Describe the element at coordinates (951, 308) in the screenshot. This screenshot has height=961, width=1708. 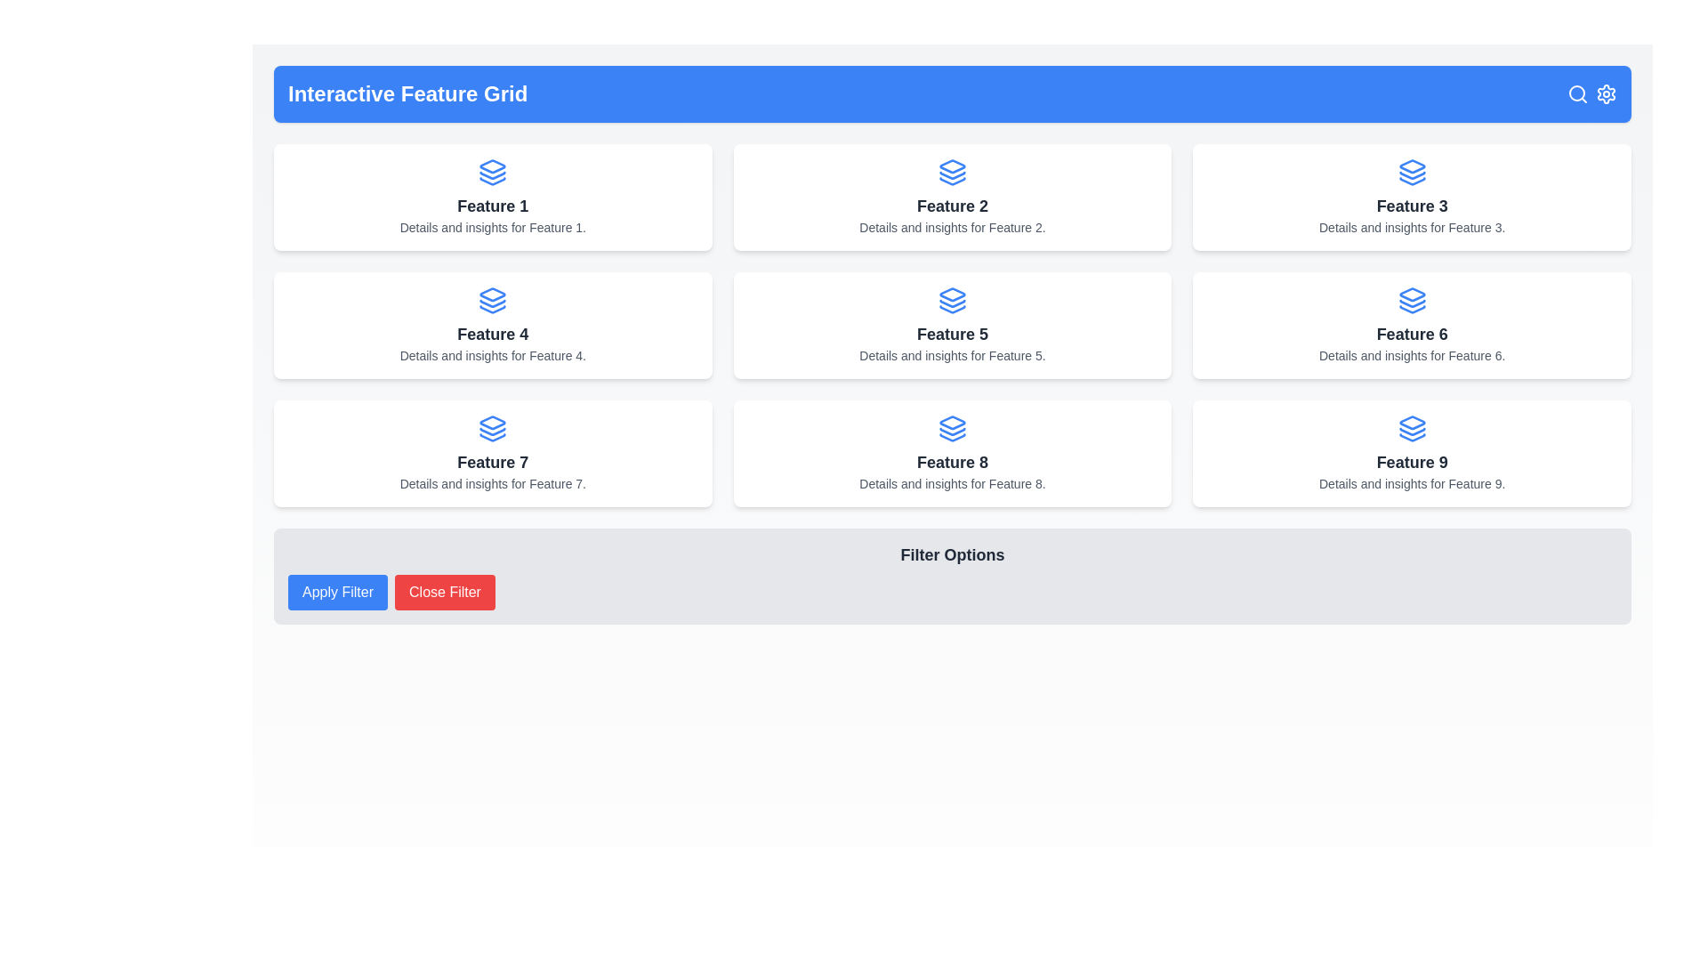
I see `bottommost blue trapezoidal shape icon decoration layer representing layers in Feature 5, located in the second row, middle column of the grid` at that location.